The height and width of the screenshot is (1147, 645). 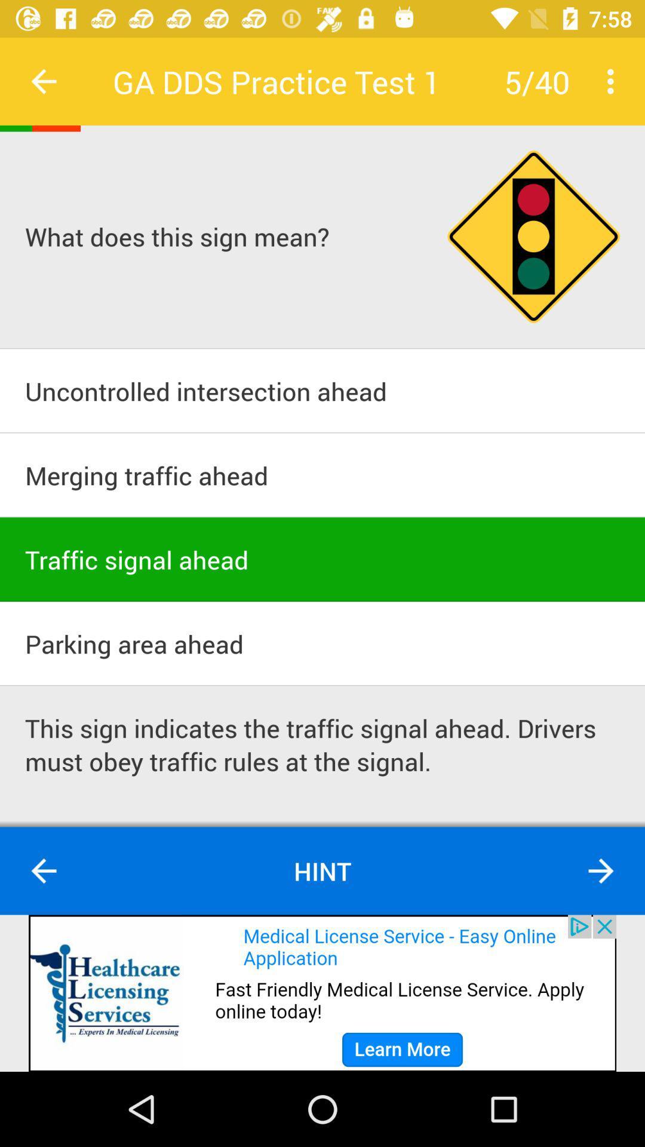 I want to click on cignal, so click(x=533, y=237).